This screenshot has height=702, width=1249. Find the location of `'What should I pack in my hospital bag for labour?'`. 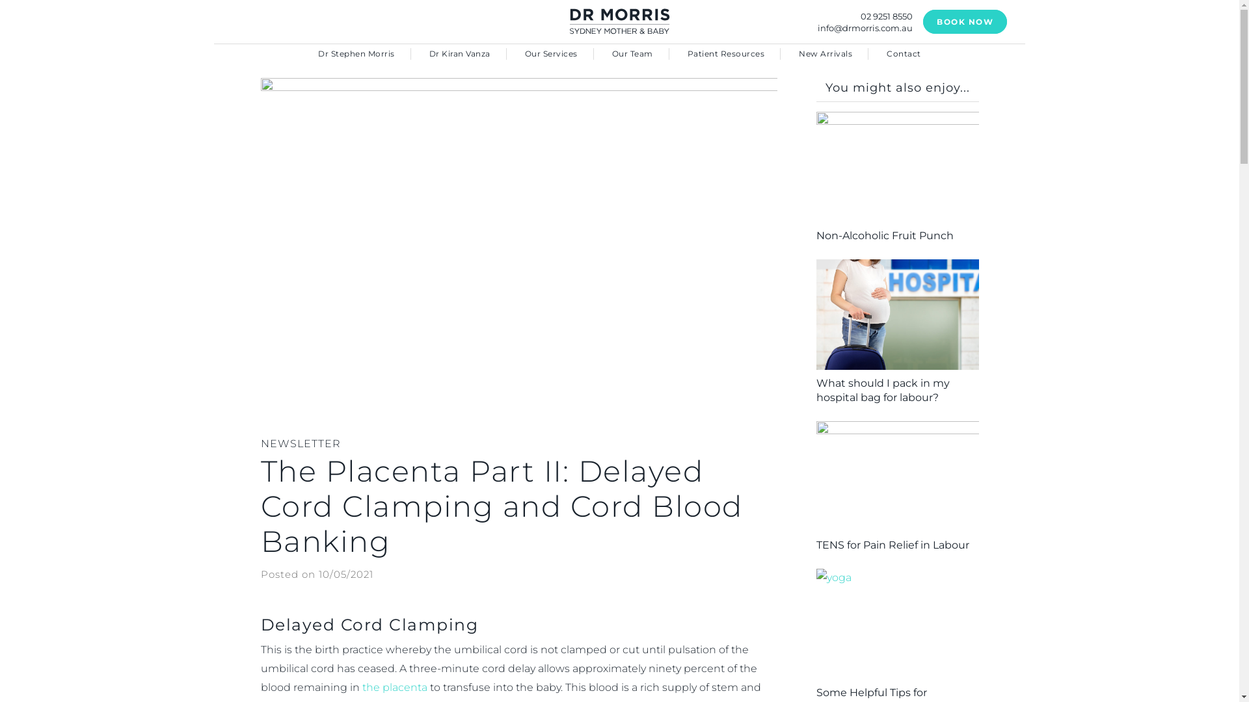

'What should I pack in my hospital bag for labour?' is located at coordinates (814, 390).